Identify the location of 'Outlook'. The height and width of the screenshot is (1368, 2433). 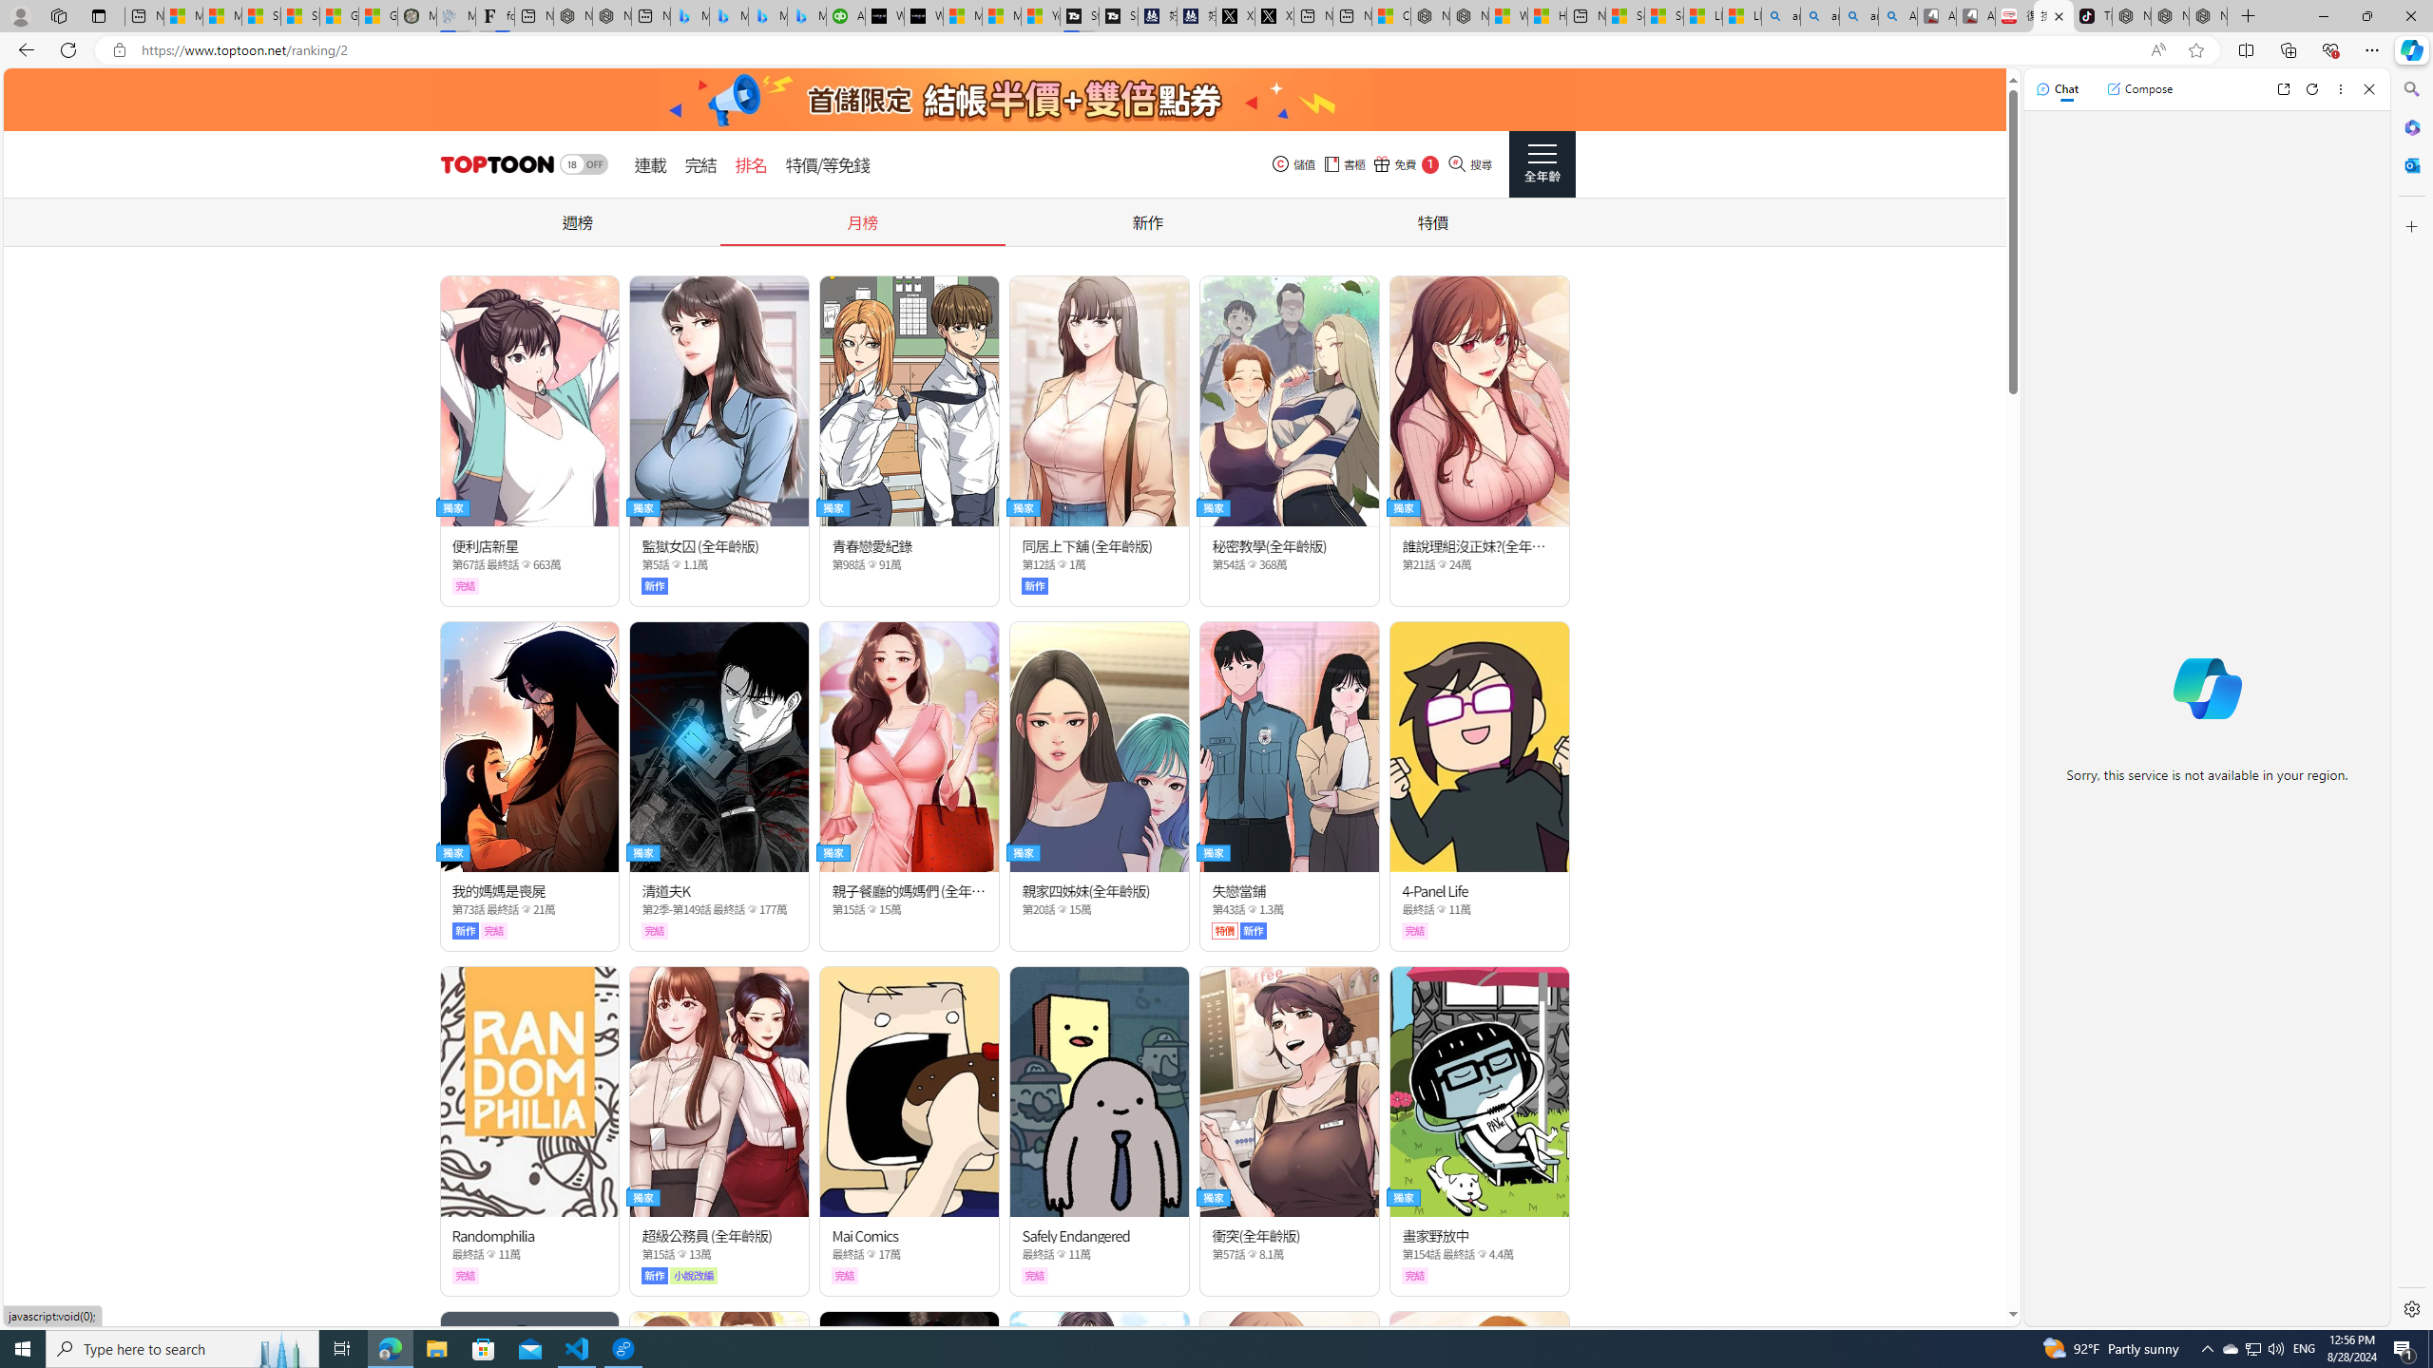
(2409, 163).